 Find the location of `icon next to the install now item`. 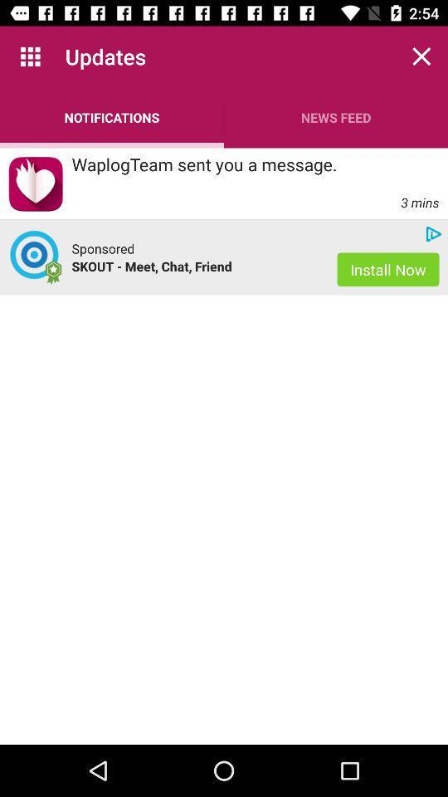

icon next to the install now item is located at coordinates (195, 266).